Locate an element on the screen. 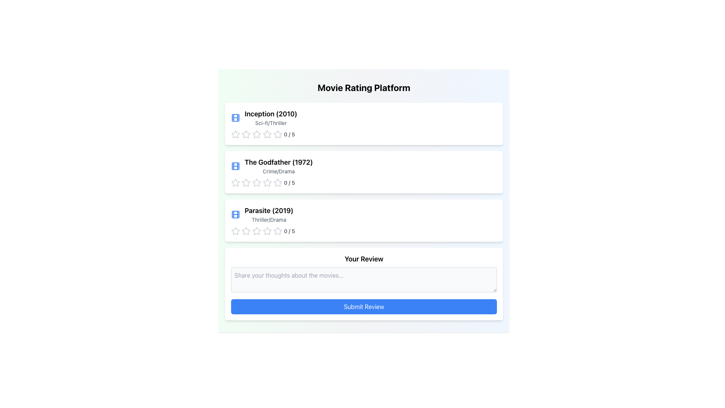  the fifth outlined gray star icon to assign a rating under the 'Parasite (2019)' movie entry is located at coordinates (277, 231).